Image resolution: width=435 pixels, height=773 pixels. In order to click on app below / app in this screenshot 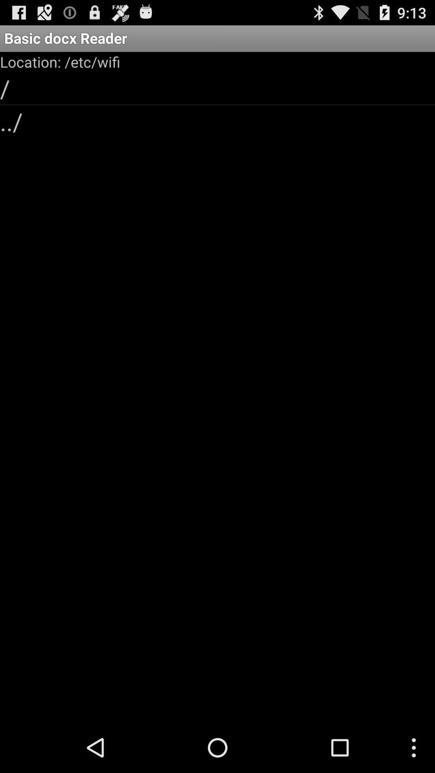, I will do `click(217, 121)`.